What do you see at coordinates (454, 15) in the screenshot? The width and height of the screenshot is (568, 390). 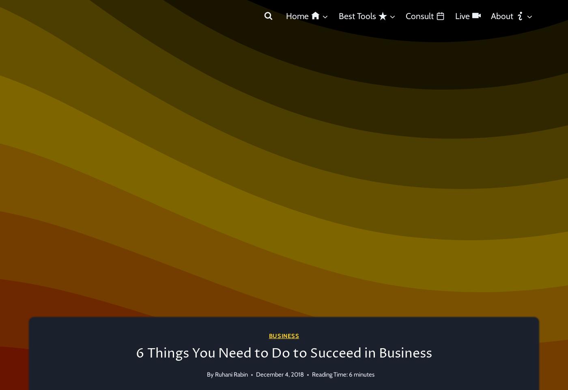 I see `'Live'` at bounding box center [454, 15].